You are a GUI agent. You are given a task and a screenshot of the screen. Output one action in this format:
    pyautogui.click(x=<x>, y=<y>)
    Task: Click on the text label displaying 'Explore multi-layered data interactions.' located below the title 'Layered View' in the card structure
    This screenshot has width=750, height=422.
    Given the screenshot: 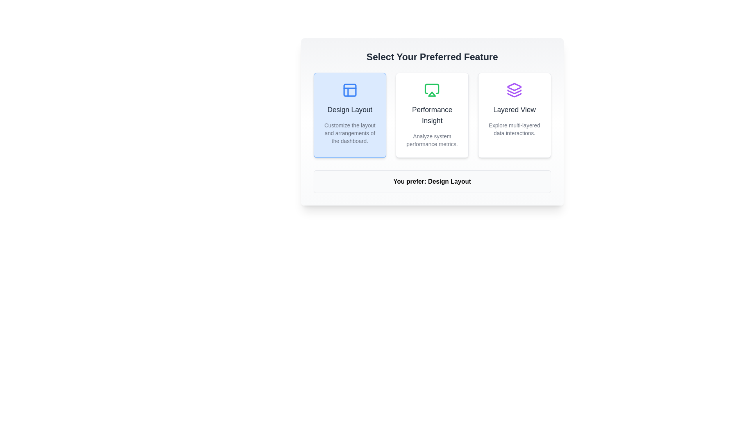 What is the action you would take?
    pyautogui.click(x=514, y=129)
    